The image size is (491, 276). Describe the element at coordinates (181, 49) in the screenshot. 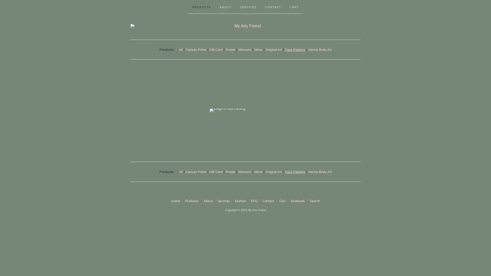

I see `'All'` at that location.